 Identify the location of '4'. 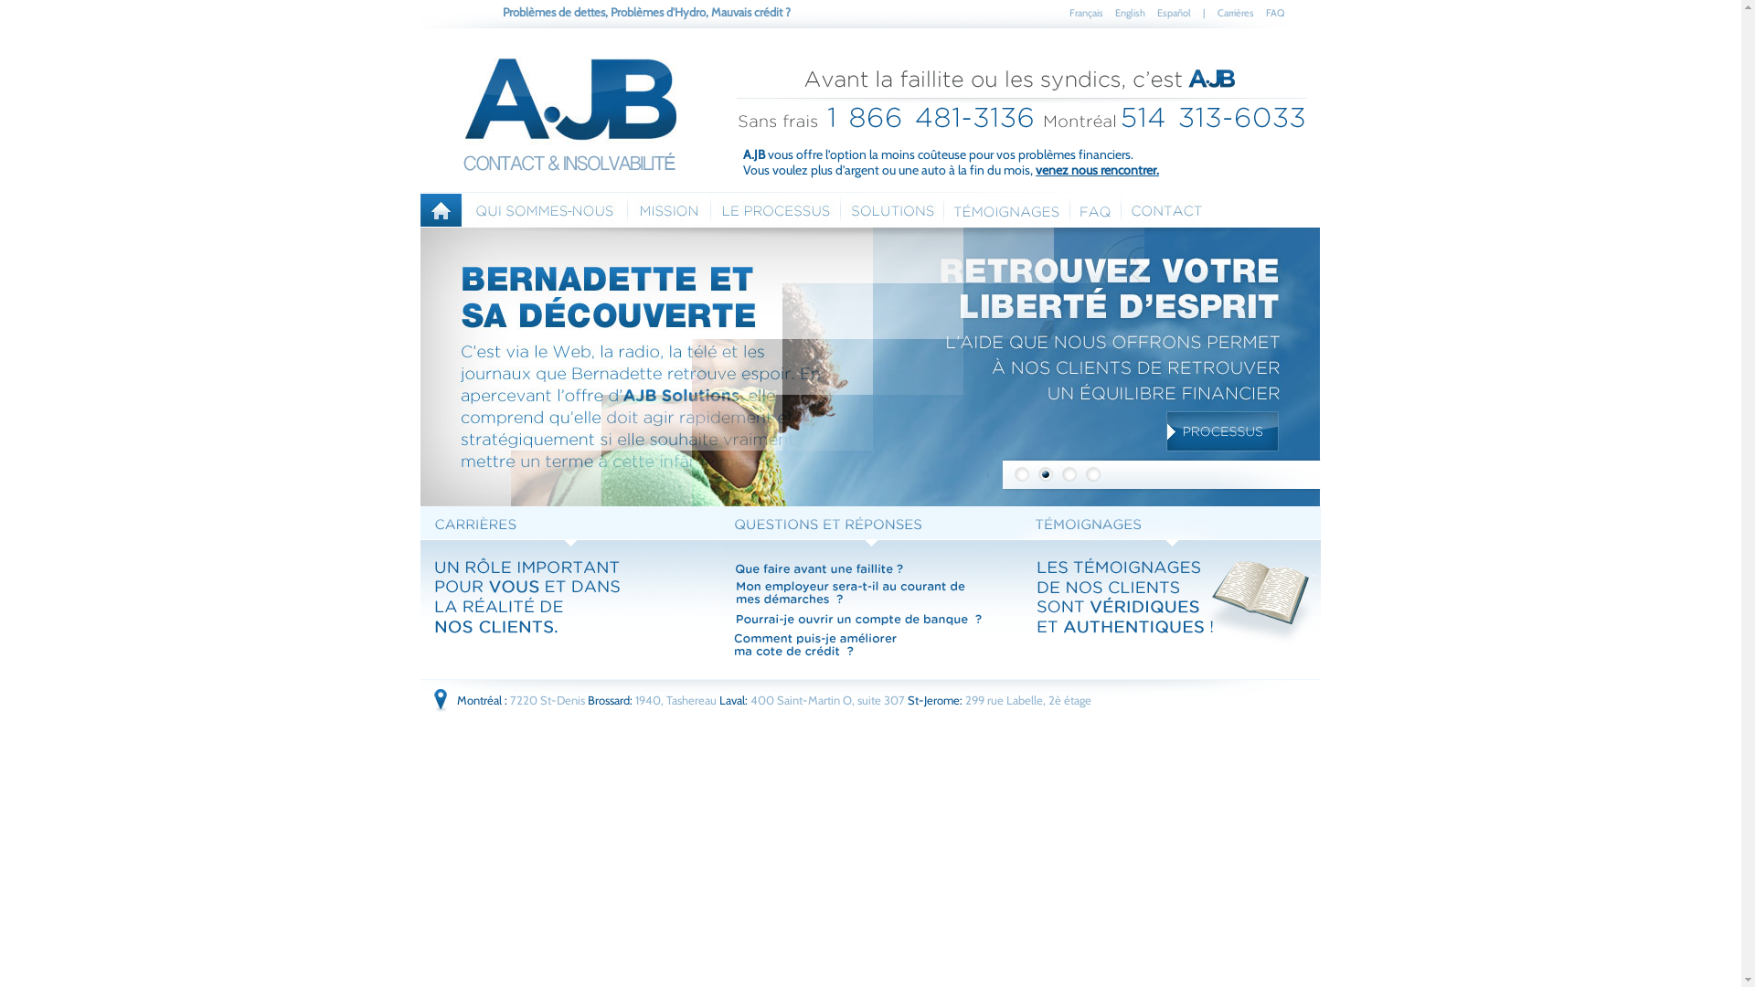
(1092, 473).